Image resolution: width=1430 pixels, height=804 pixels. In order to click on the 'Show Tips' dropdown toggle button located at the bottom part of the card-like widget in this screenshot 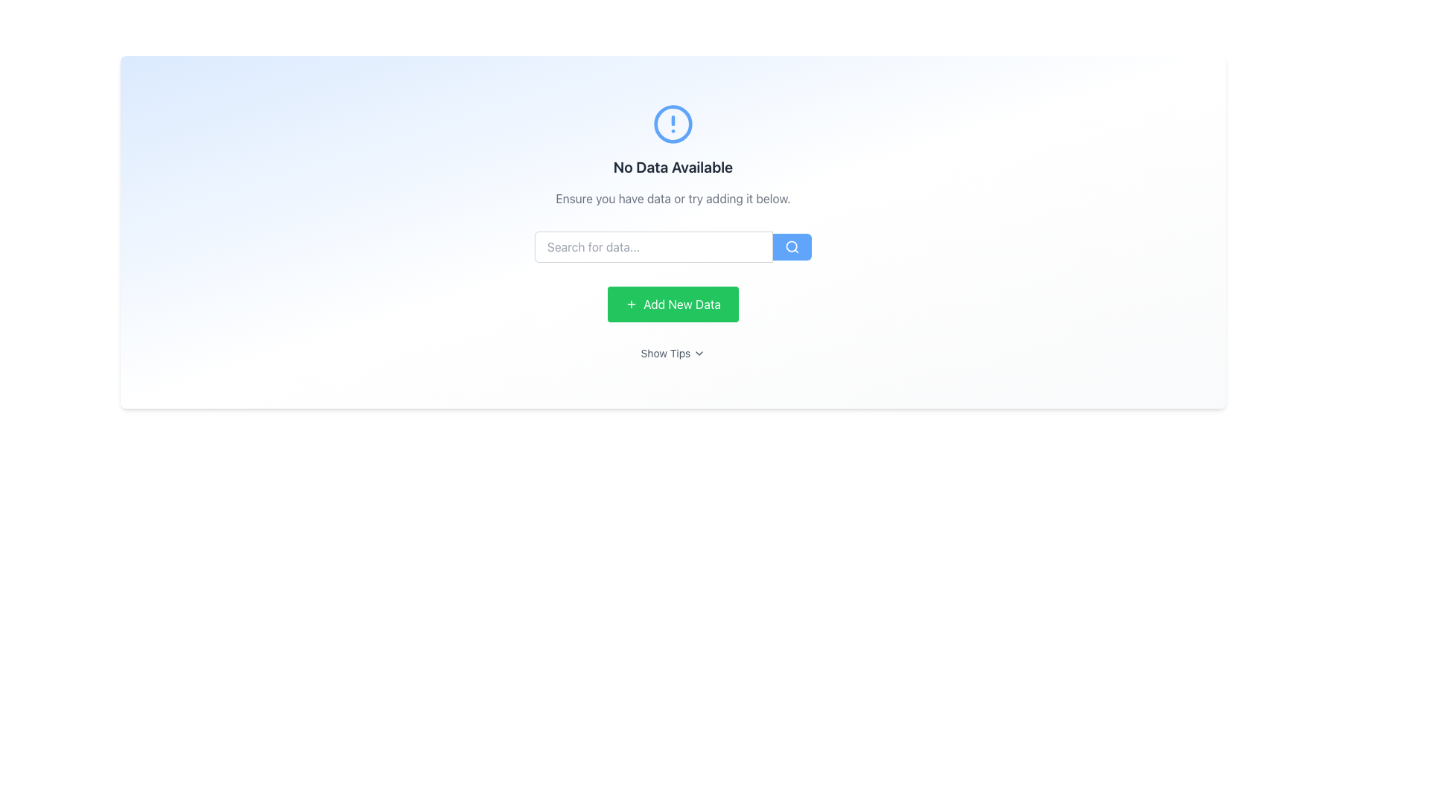, I will do `click(672, 353)`.